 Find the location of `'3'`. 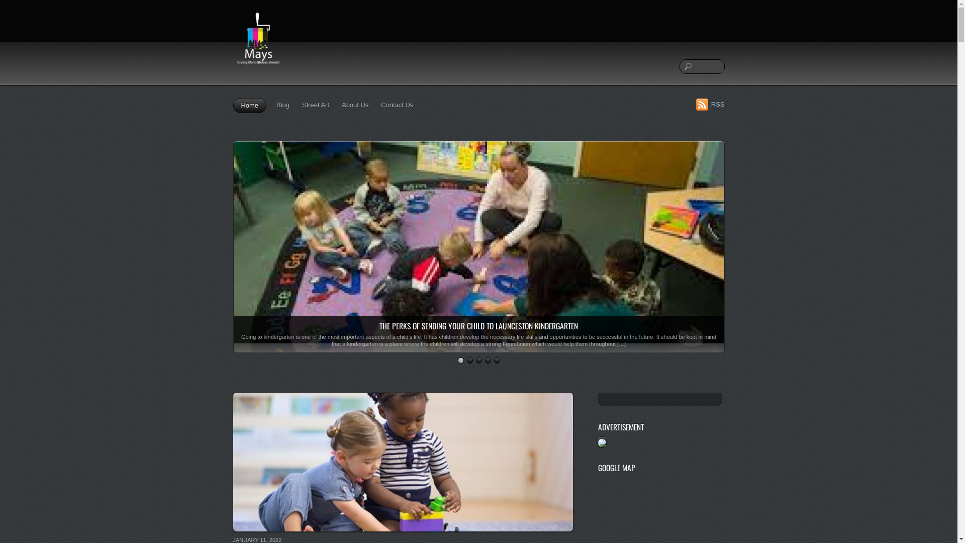

'3' is located at coordinates (477, 360).